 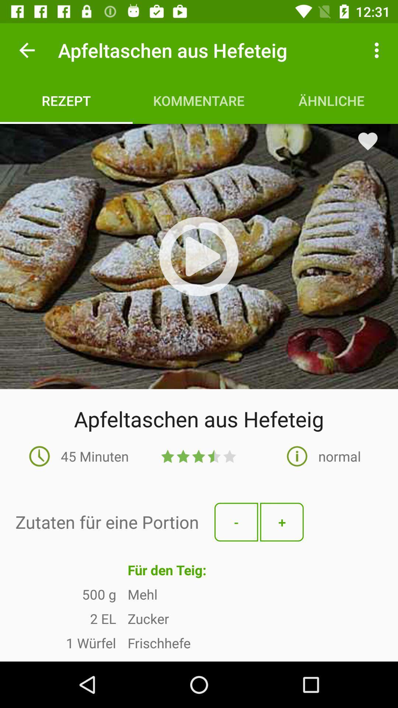 I want to click on advertisement, so click(x=199, y=256).